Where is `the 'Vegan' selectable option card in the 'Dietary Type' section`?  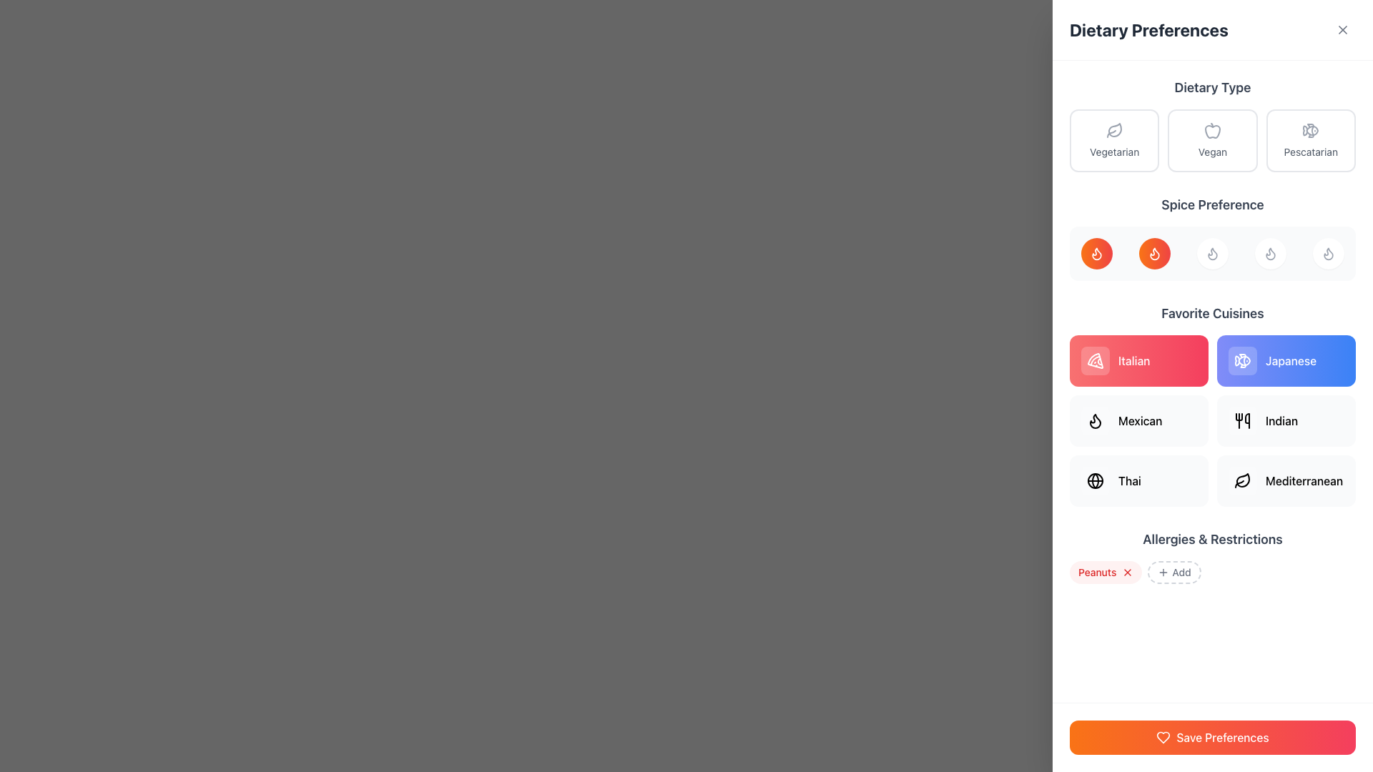
the 'Vegan' selectable option card in the 'Dietary Type' section is located at coordinates (1211, 140).